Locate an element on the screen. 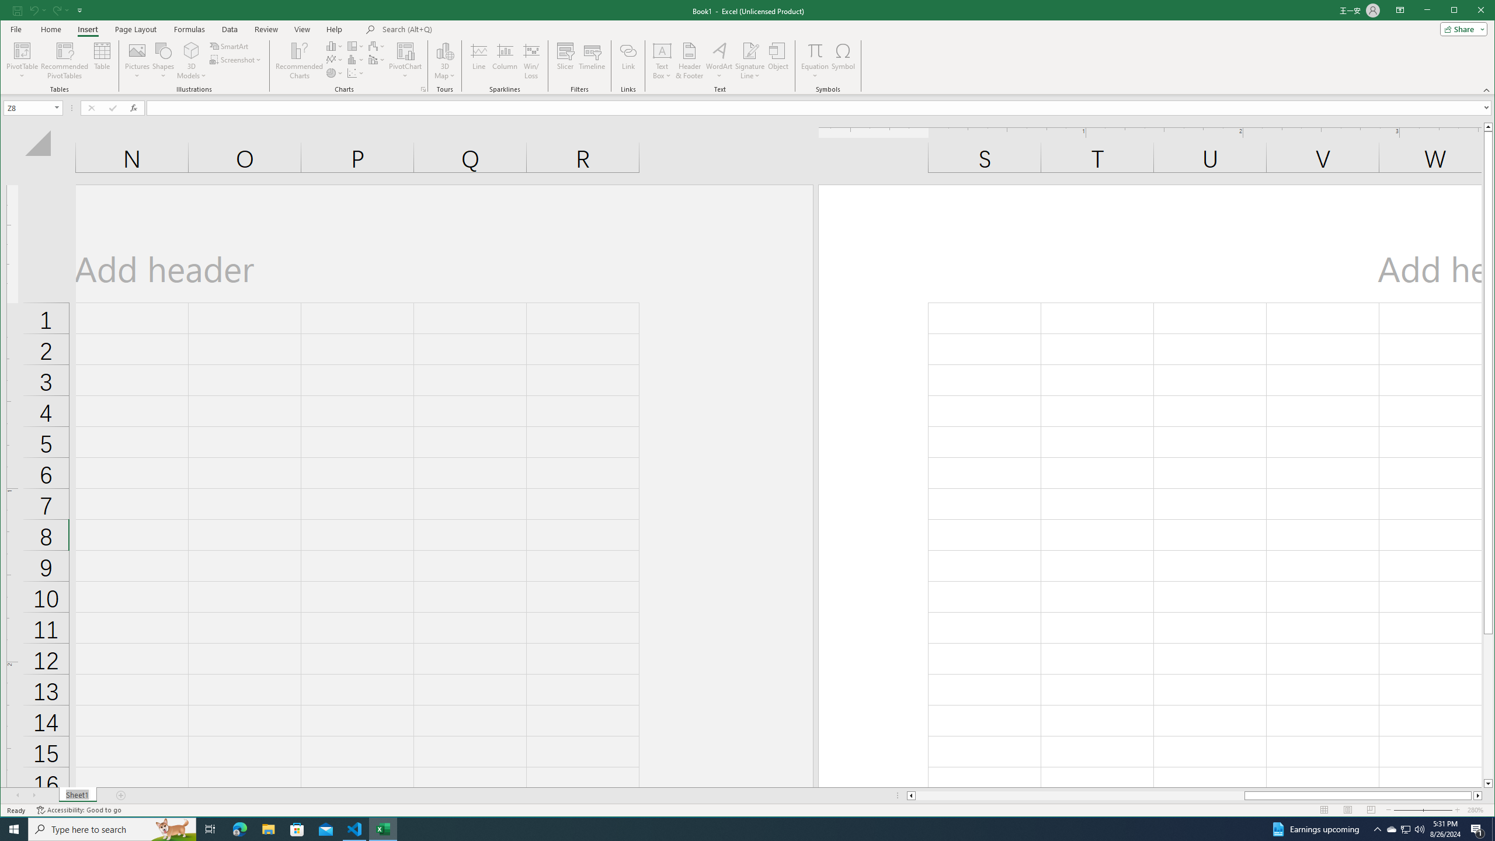 Image resolution: width=1495 pixels, height=841 pixels. 'Insert Column or Bar Chart' is located at coordinates (334, 46).